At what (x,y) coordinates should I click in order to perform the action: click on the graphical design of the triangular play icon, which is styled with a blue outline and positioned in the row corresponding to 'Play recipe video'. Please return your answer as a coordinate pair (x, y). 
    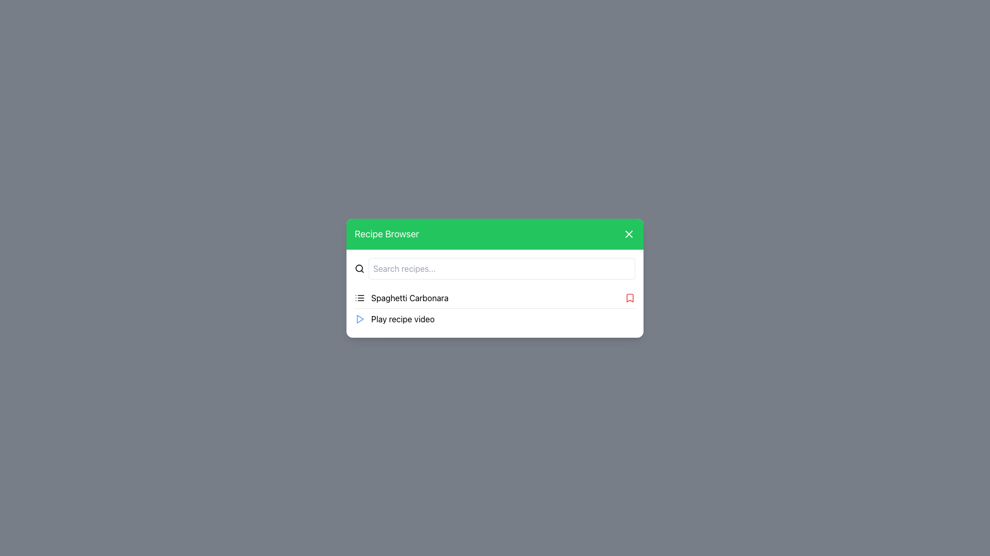
    Looking at the image, I should click on (360, 318).